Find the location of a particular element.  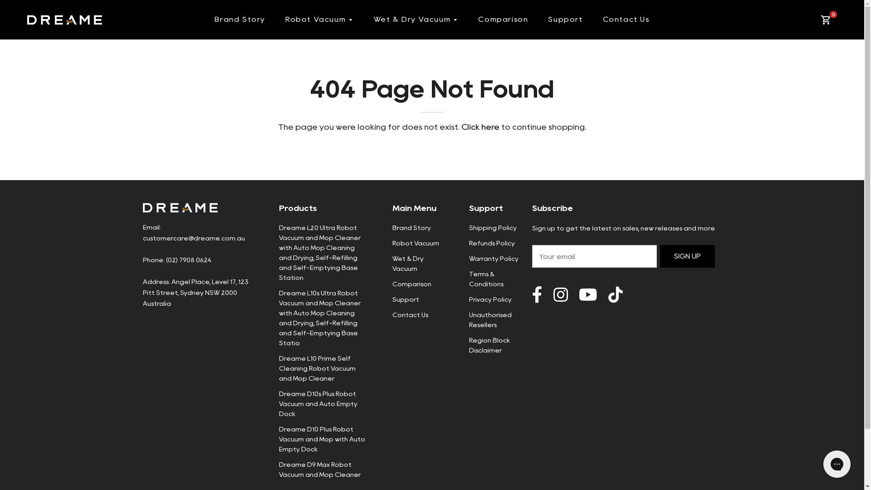

'Support' is located at coordinates (548, 19).